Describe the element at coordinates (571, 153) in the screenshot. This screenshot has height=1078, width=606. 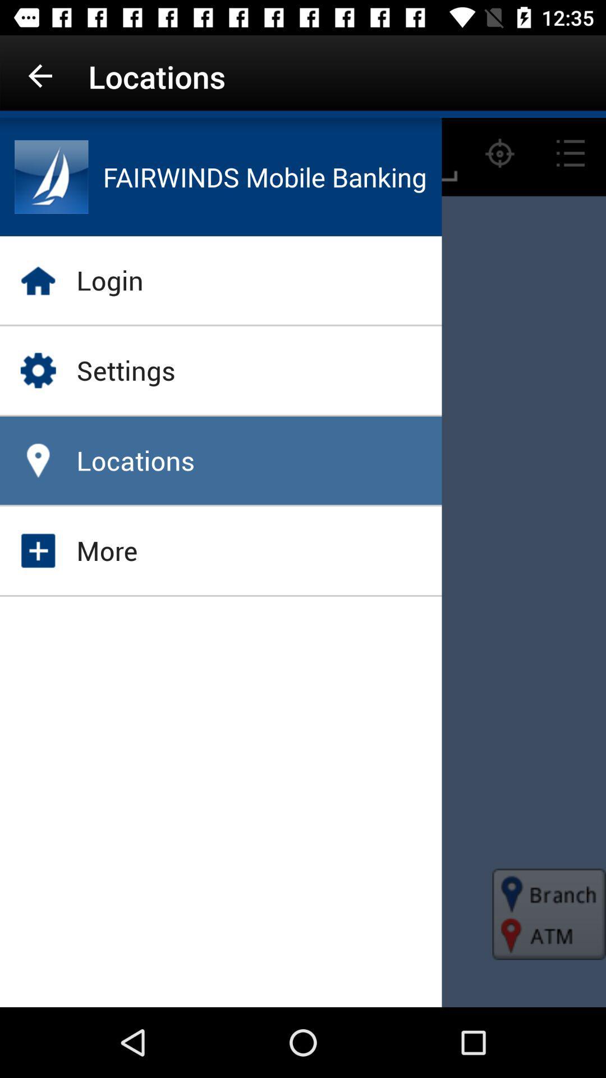
I see `the list icon` at that location.